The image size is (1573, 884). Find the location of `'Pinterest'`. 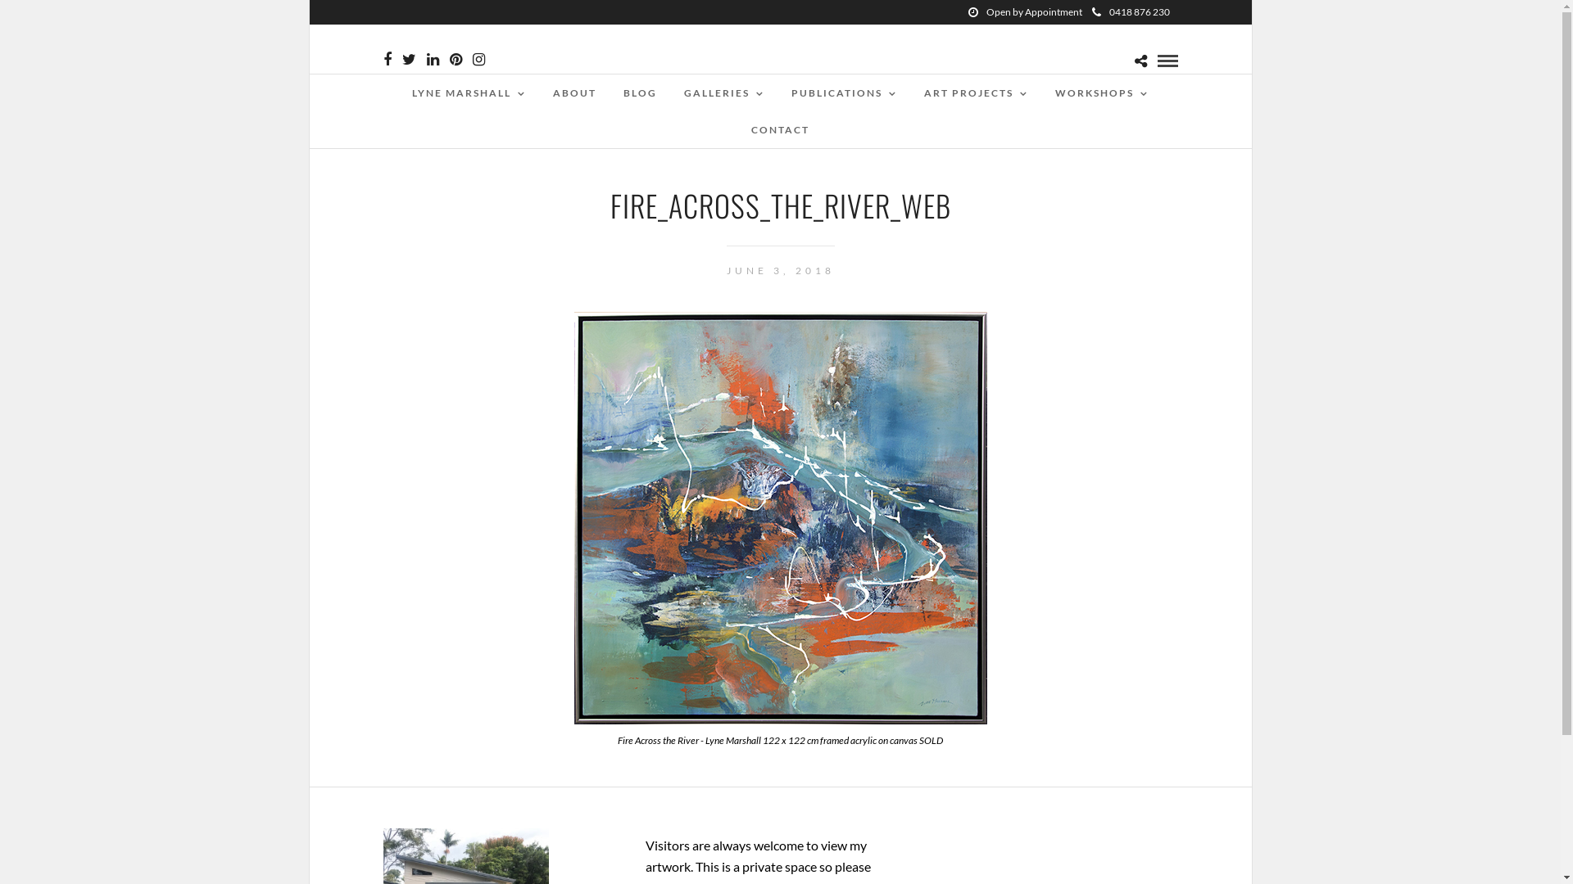

'Pinterest' is located at coordinates (448, 59).